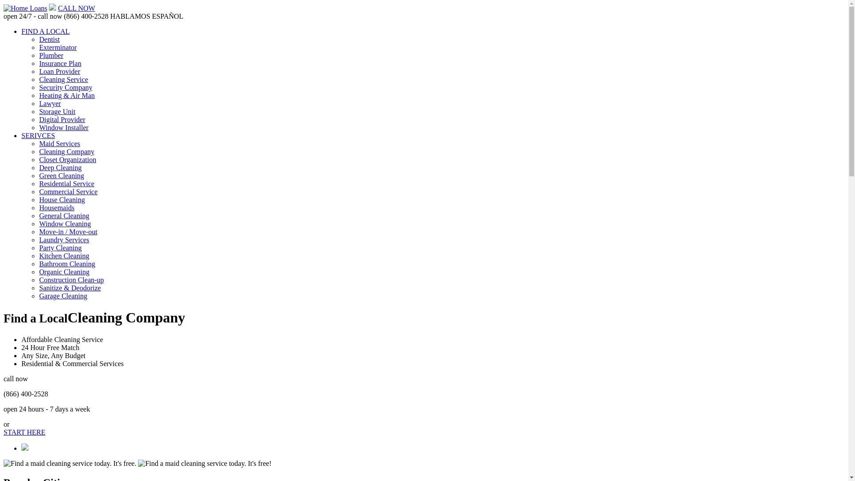  What do you see at coordinates (60, 248) in the screenshot?
I see `'Party Cleaning'` at bounding box center [60, 248].